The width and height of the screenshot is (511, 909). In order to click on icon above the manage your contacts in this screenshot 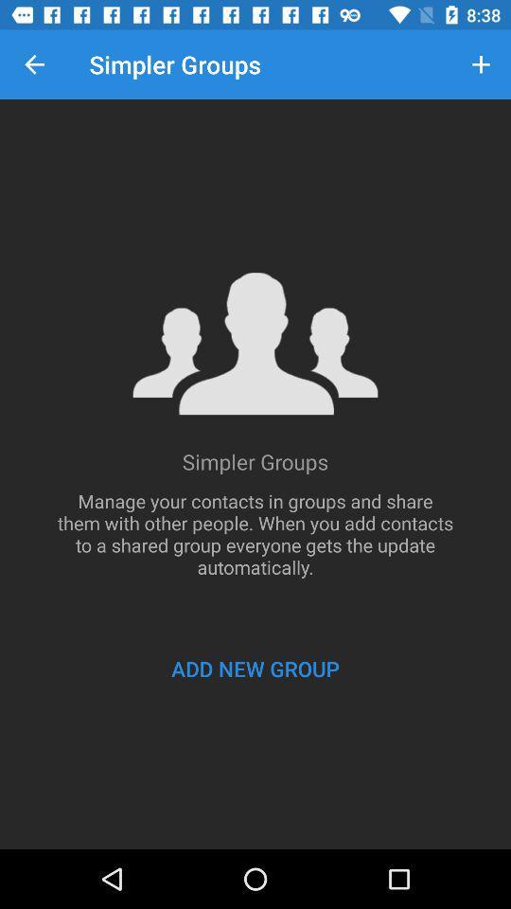, I will do `click(34, 64)`.